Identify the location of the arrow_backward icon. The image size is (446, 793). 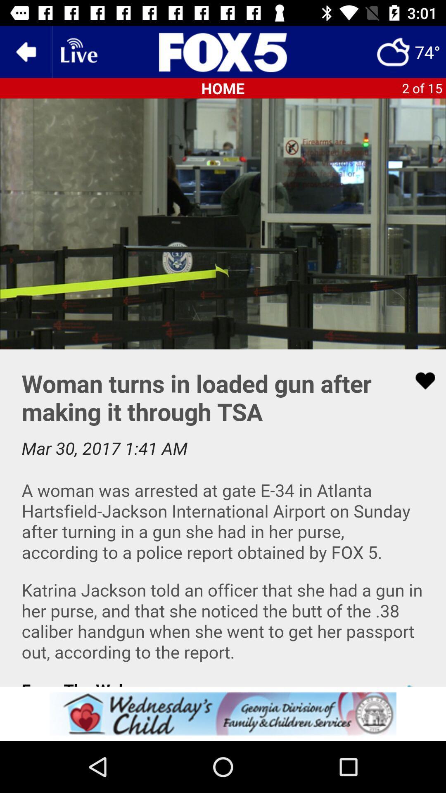
(25, 51).